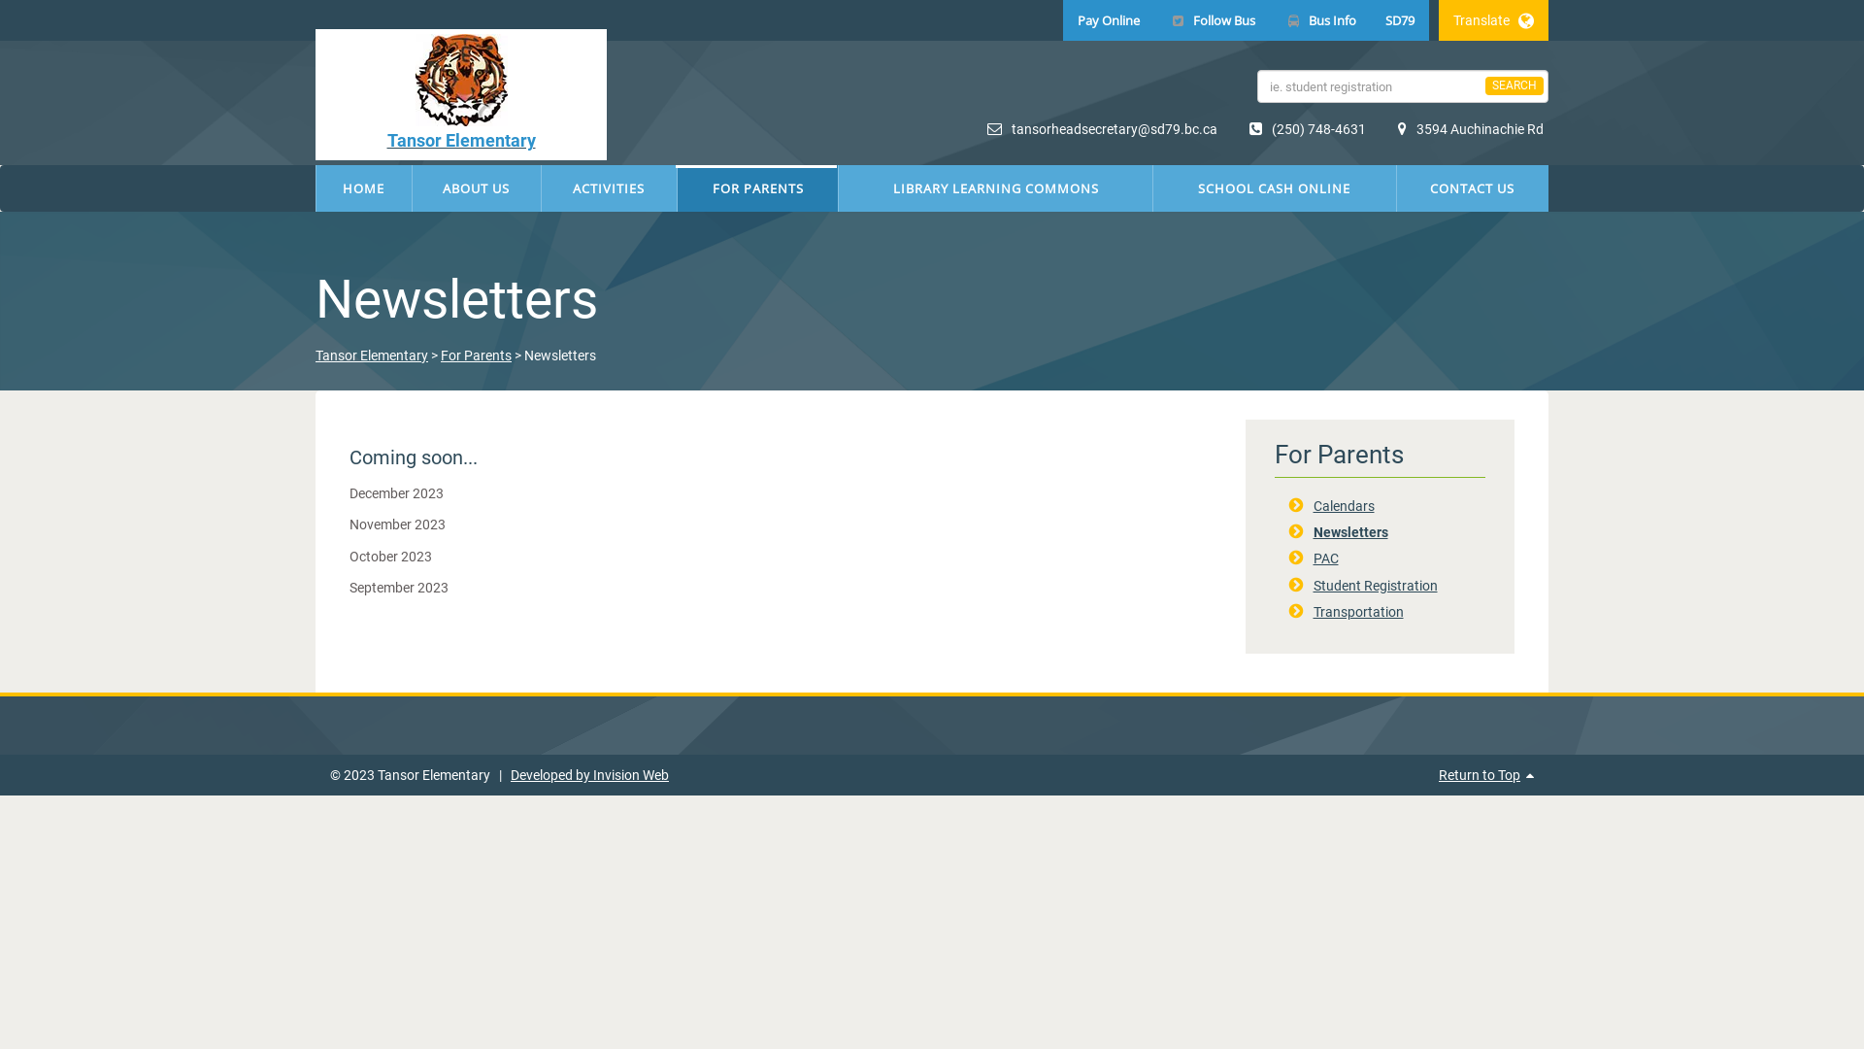 Image resolution: width=1864 pixels, height=1049 pixels. I want to click on 'SCHOOL CASH ONLINE', so click(1153, 187).